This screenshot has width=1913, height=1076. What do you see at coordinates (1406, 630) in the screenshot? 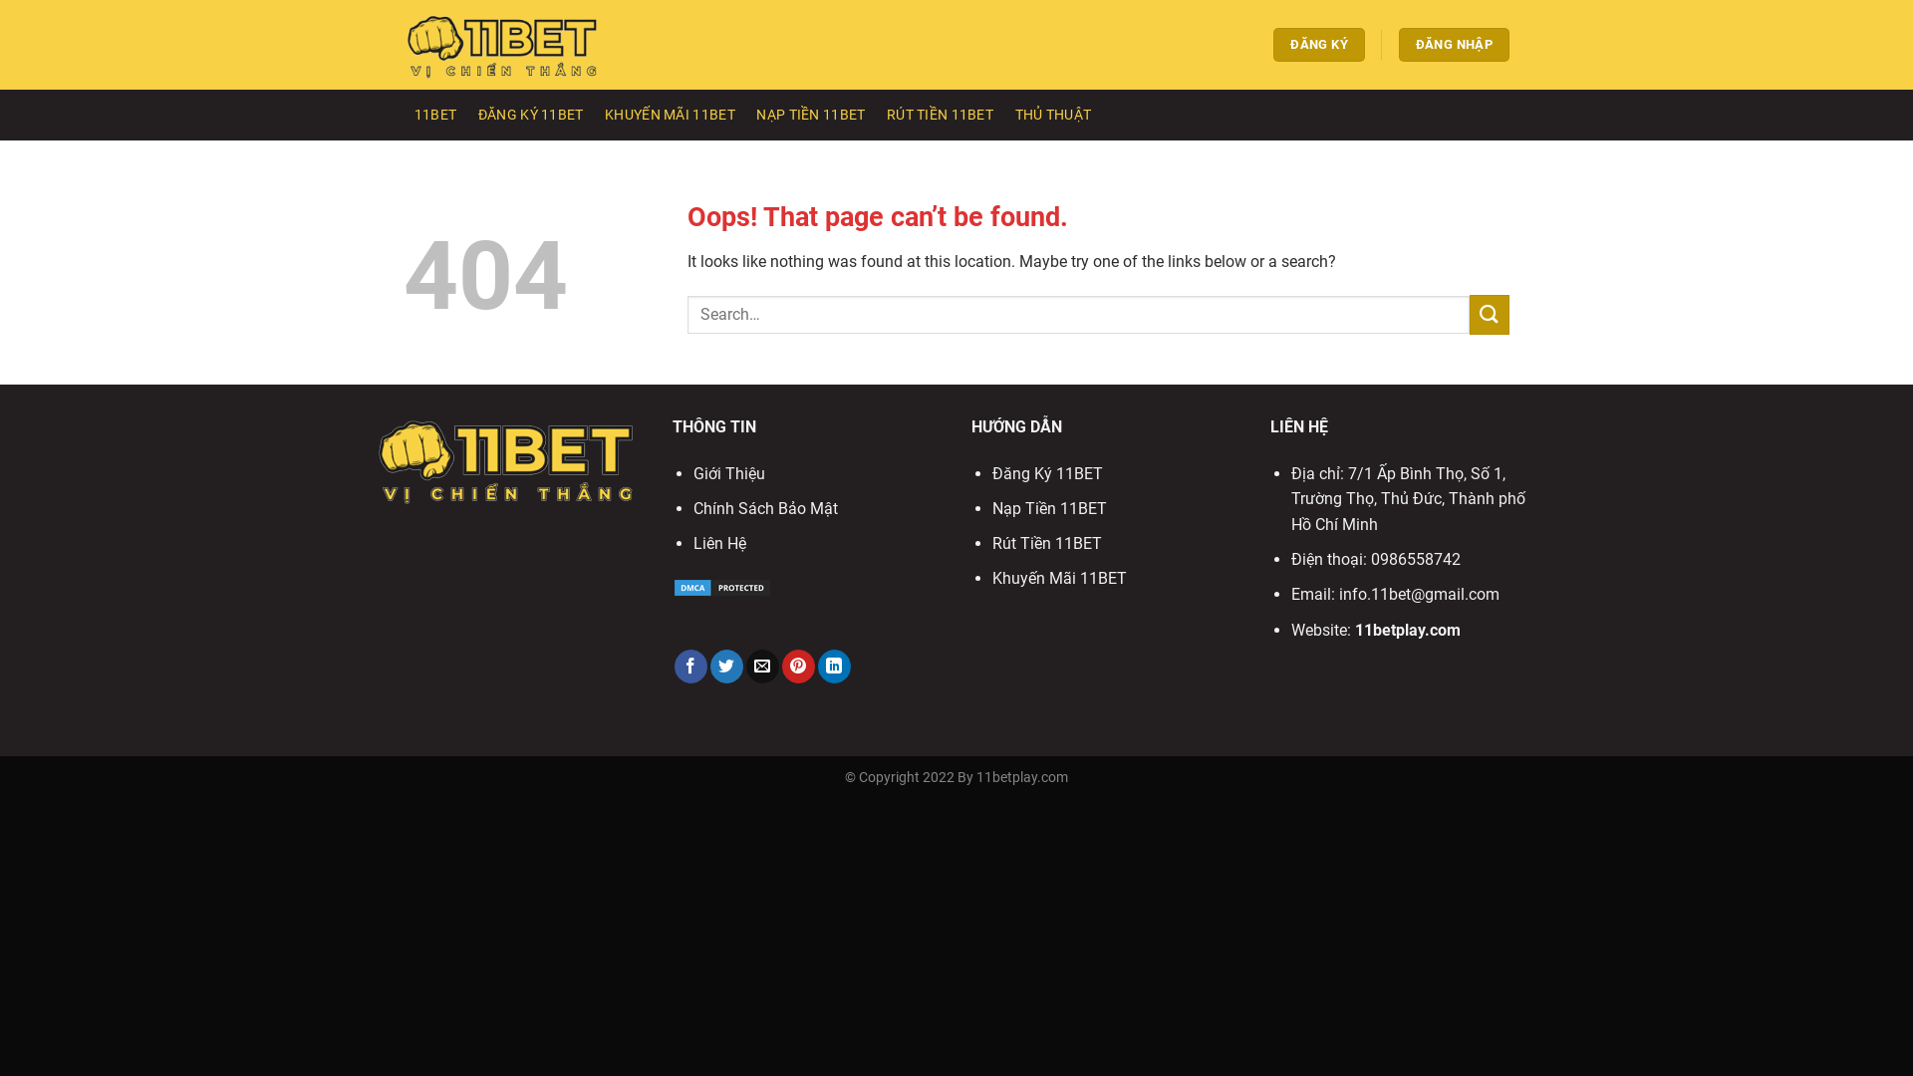
I see `'11betplay.com'` at bounding box center [1406, 630].